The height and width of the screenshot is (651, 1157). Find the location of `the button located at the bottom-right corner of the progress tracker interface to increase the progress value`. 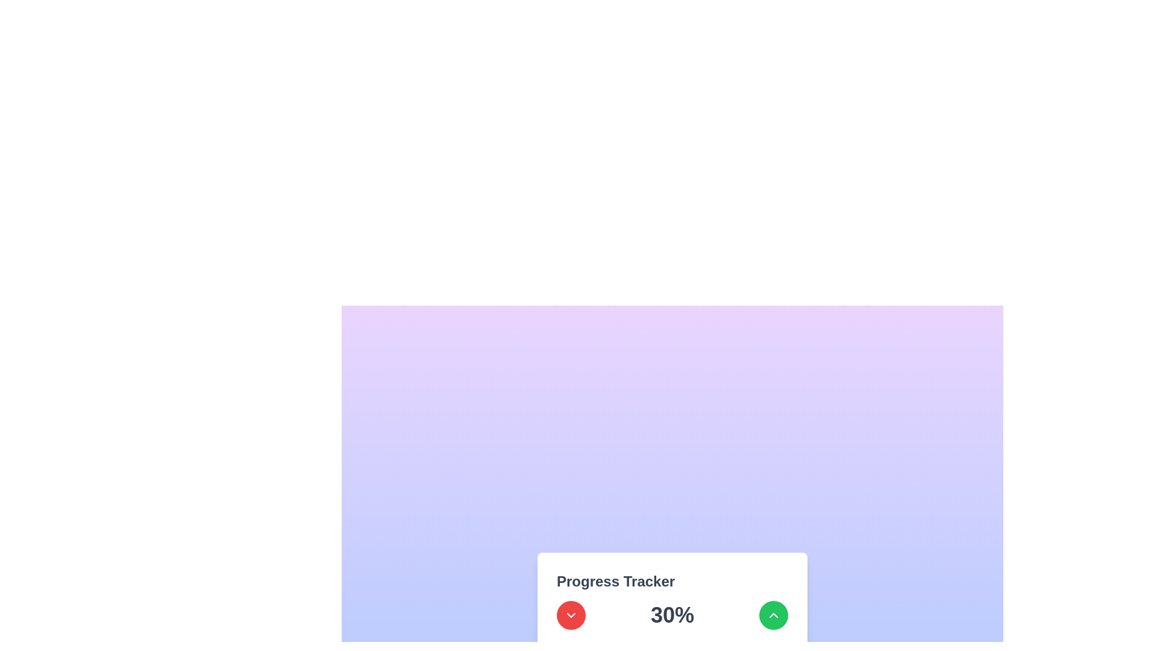

the button located at the bottom-right corner of the progress tracker interface to increase the progress value is located at coordinates (773, 615).